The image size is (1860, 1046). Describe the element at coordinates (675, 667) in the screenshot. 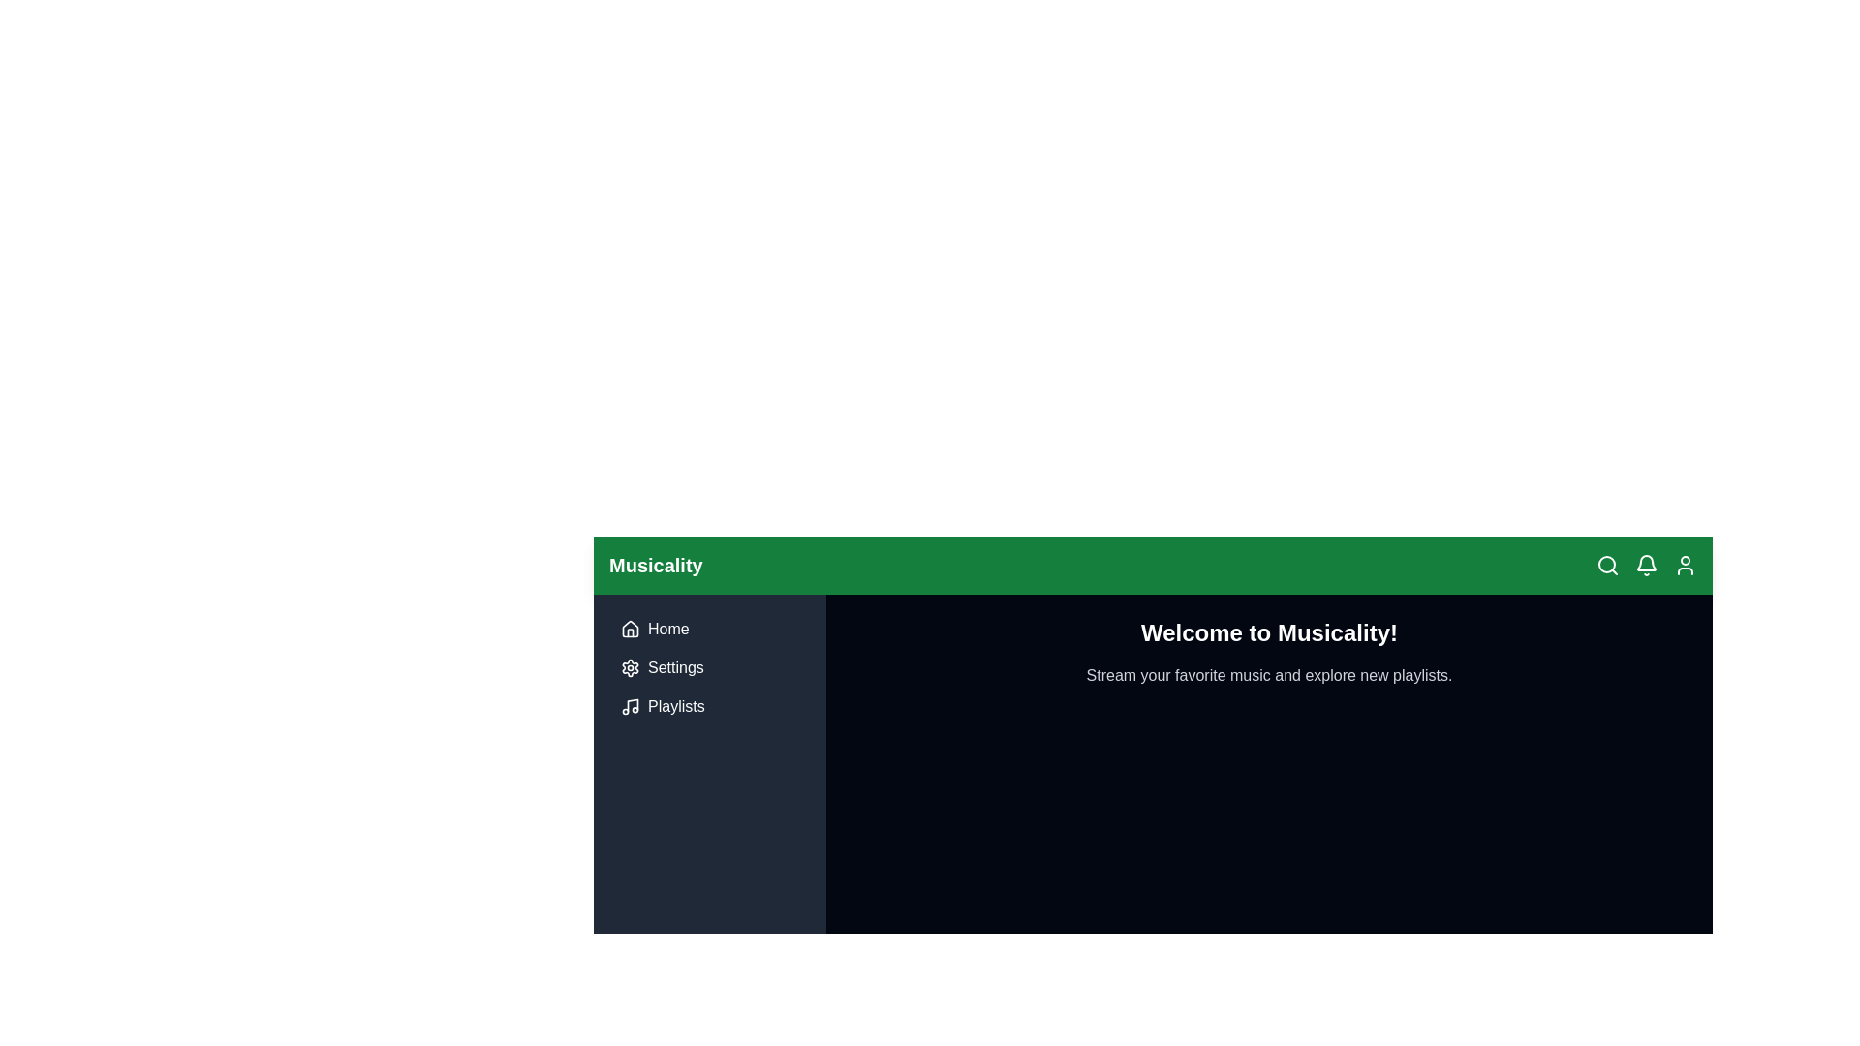

I see `the 'Settings' text label, which is styled in a light color against a dark background and positioned in the vertical navigation menu to the right of the gear icon` at that location.